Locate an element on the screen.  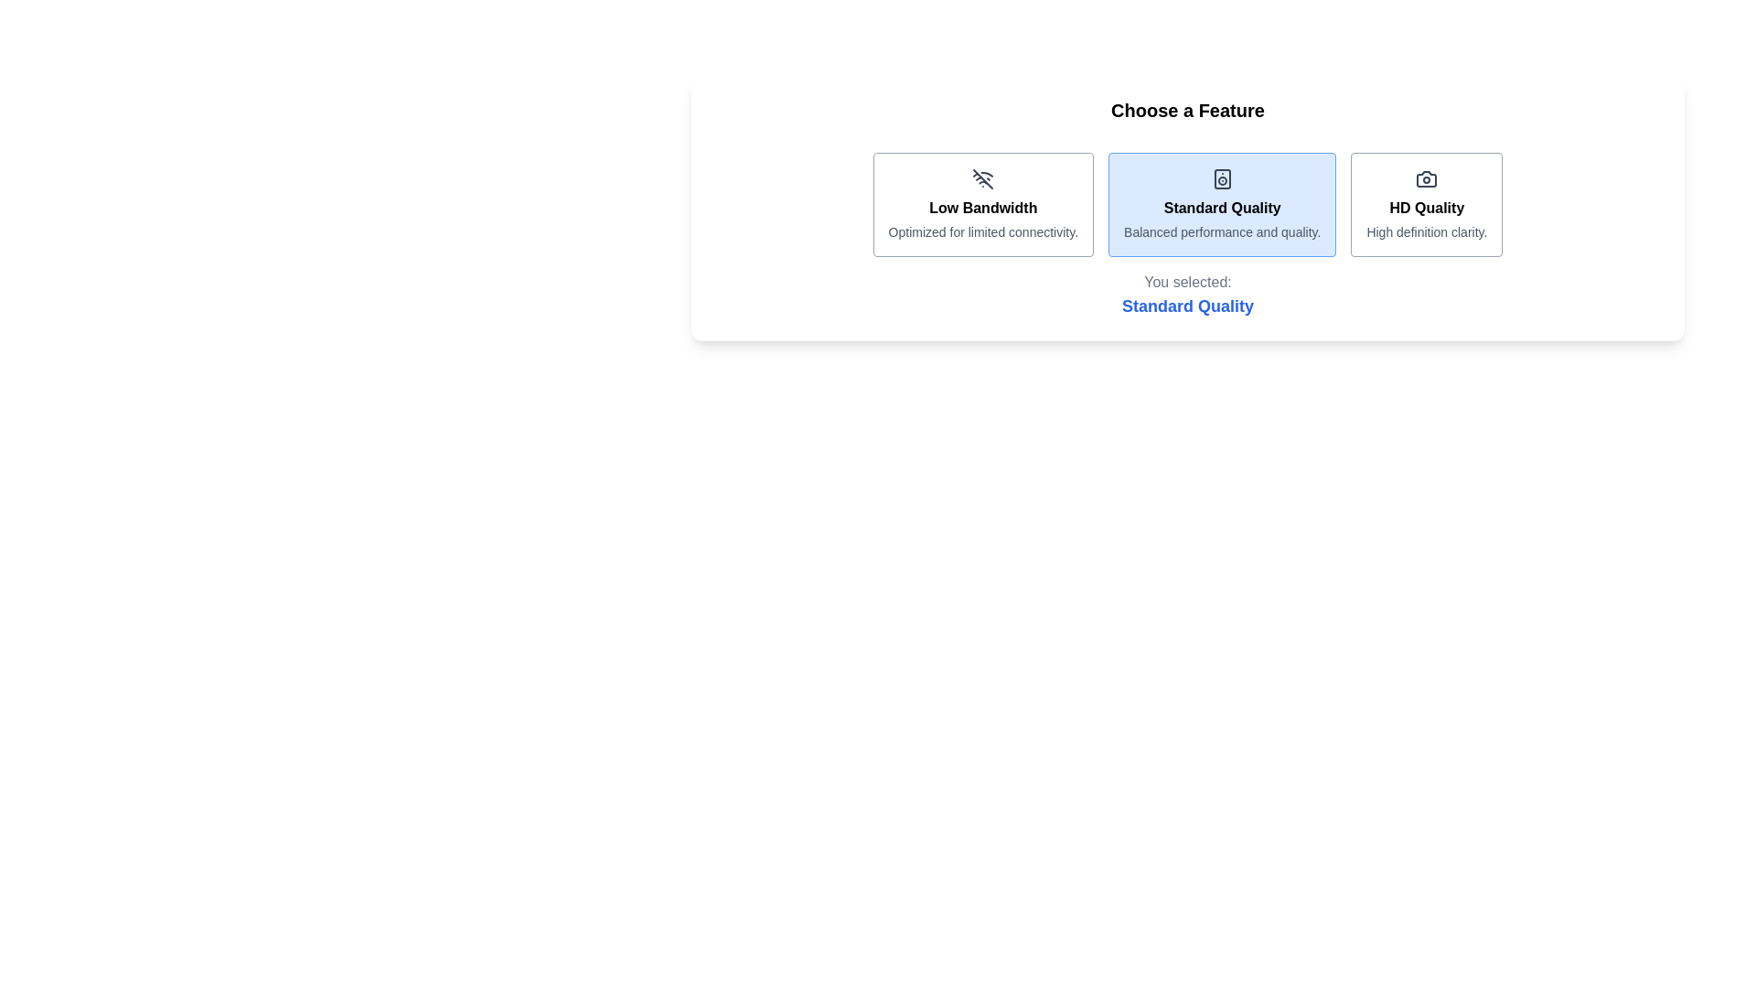
the HD Quality icon located at the center of the HD Quality selection button is located at coordinates (1426, 179).